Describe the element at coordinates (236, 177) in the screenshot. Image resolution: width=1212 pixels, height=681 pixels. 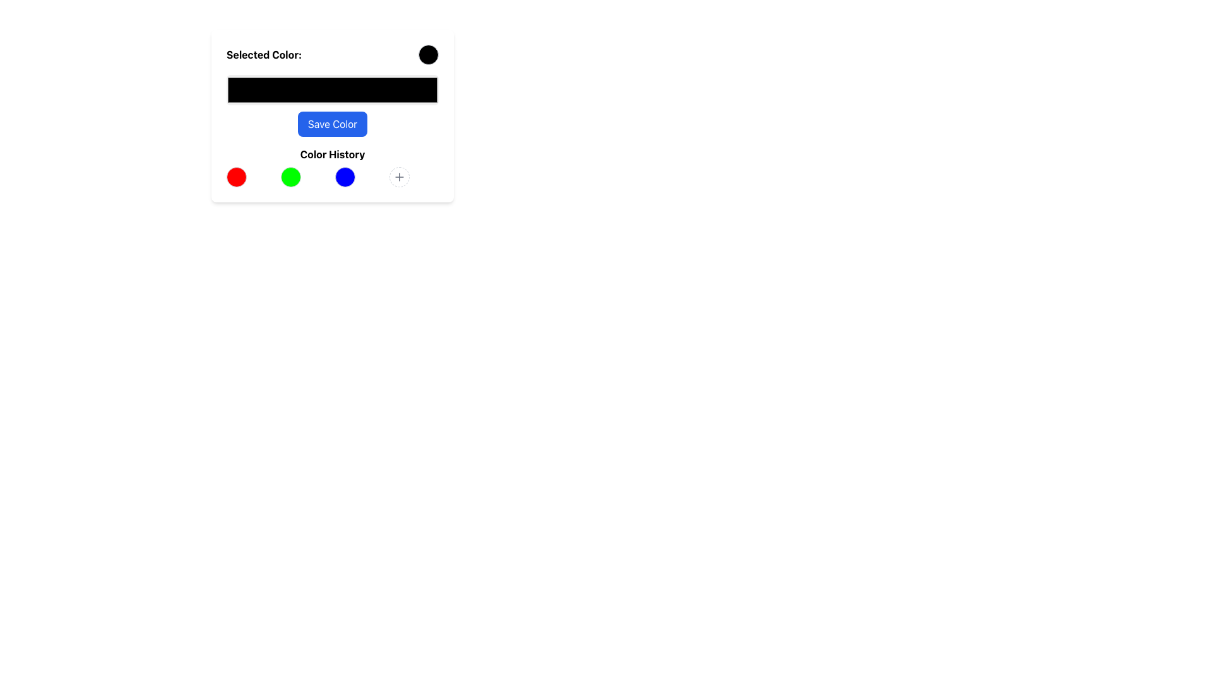
I see `the first button in the 'Color History' section` at that location.